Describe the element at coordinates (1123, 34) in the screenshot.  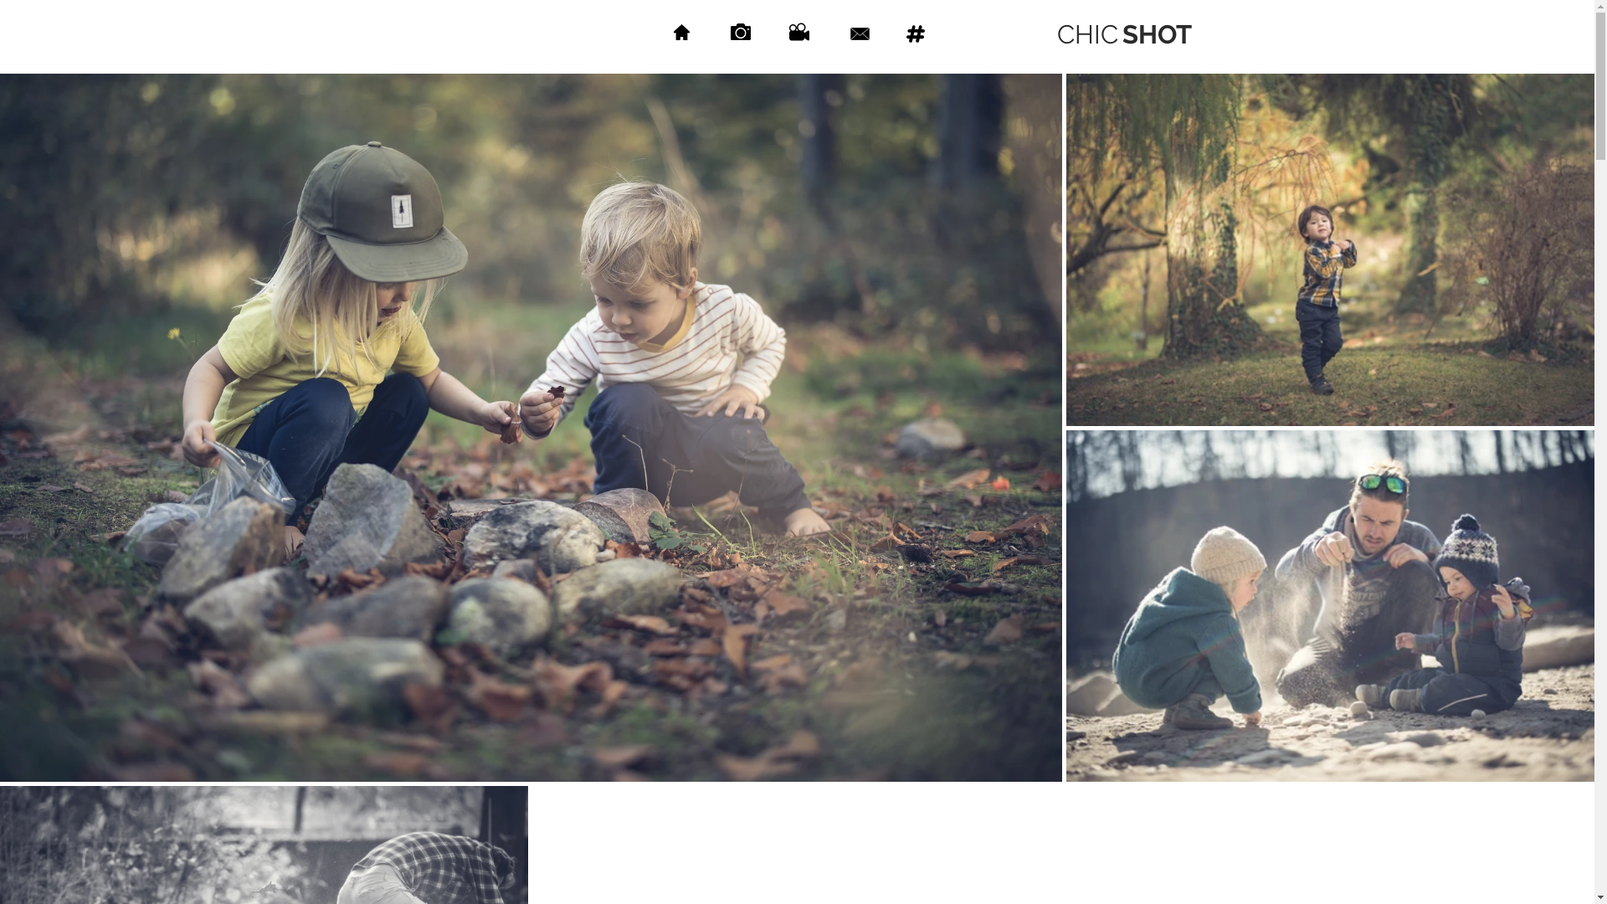
I see `'CHIC SHOT'` at that location.